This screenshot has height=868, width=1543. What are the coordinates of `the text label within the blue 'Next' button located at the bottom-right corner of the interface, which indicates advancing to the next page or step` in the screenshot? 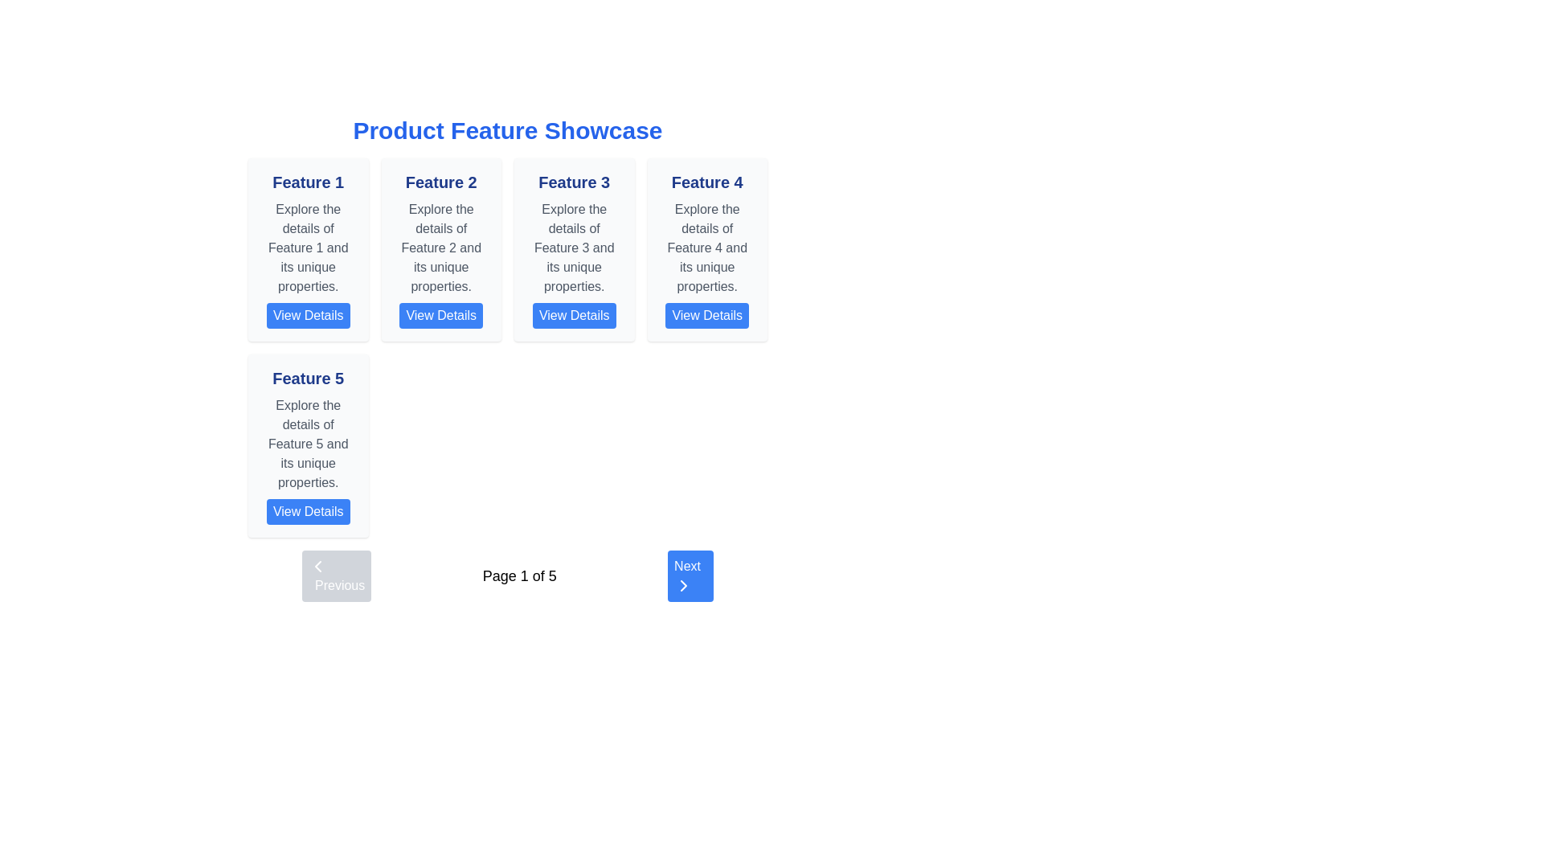 It's located at (687, 565).